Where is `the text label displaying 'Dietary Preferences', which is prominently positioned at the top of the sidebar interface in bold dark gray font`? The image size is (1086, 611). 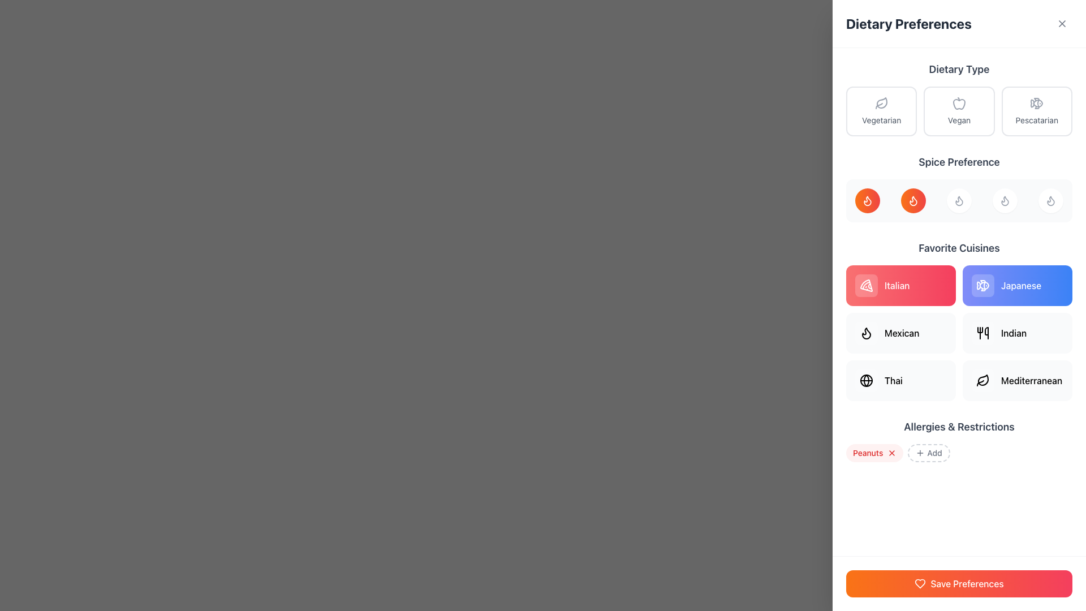 the text label displaying 'Dietary Preferences', which is prominently positioned at the top of the sidebar interface in bold dark gray font is located at coordinates (908, 24).